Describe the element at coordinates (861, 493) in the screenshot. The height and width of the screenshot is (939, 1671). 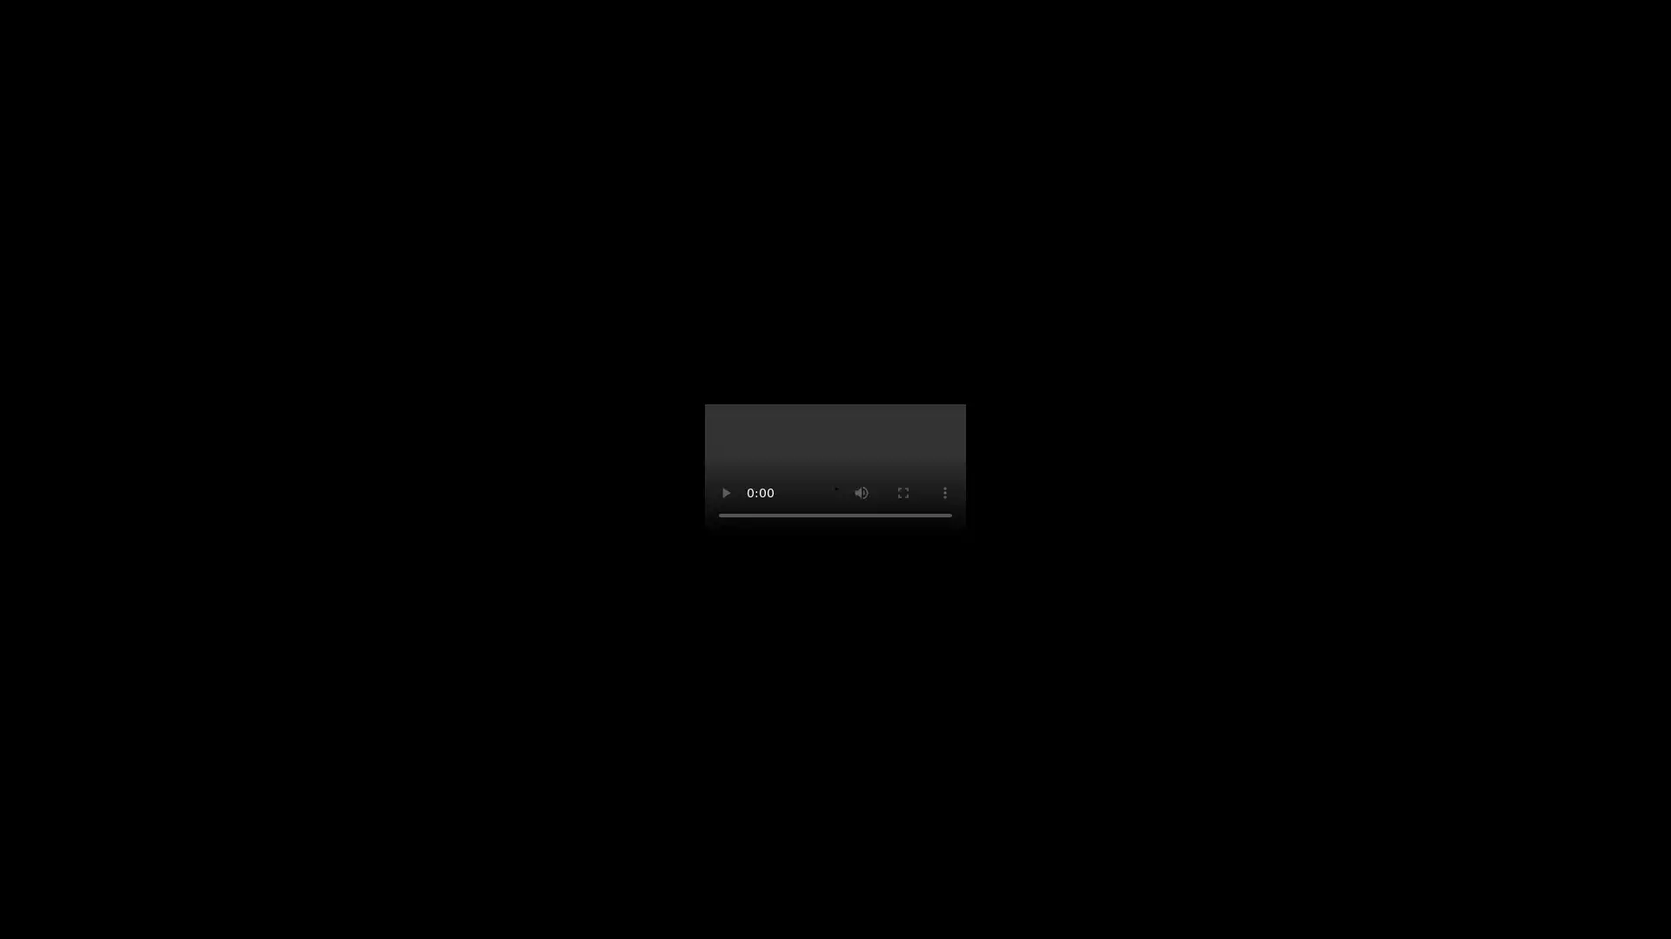
I see `mute` at that location.